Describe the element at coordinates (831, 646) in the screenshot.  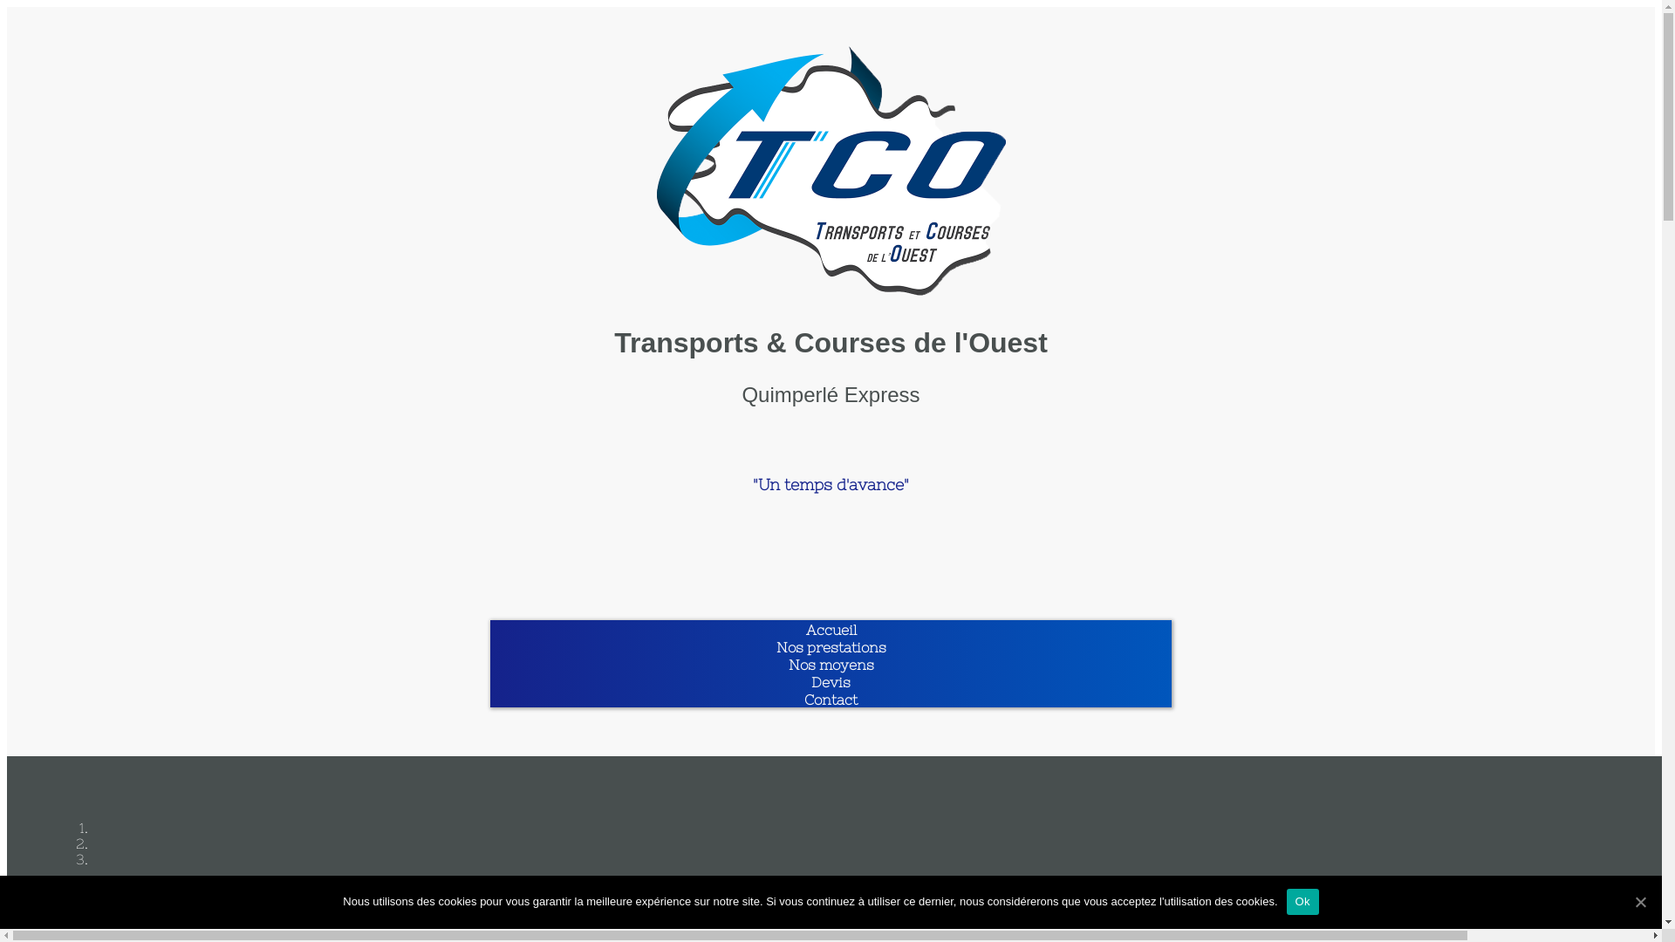
I see `'Nos prestations'` at that location.